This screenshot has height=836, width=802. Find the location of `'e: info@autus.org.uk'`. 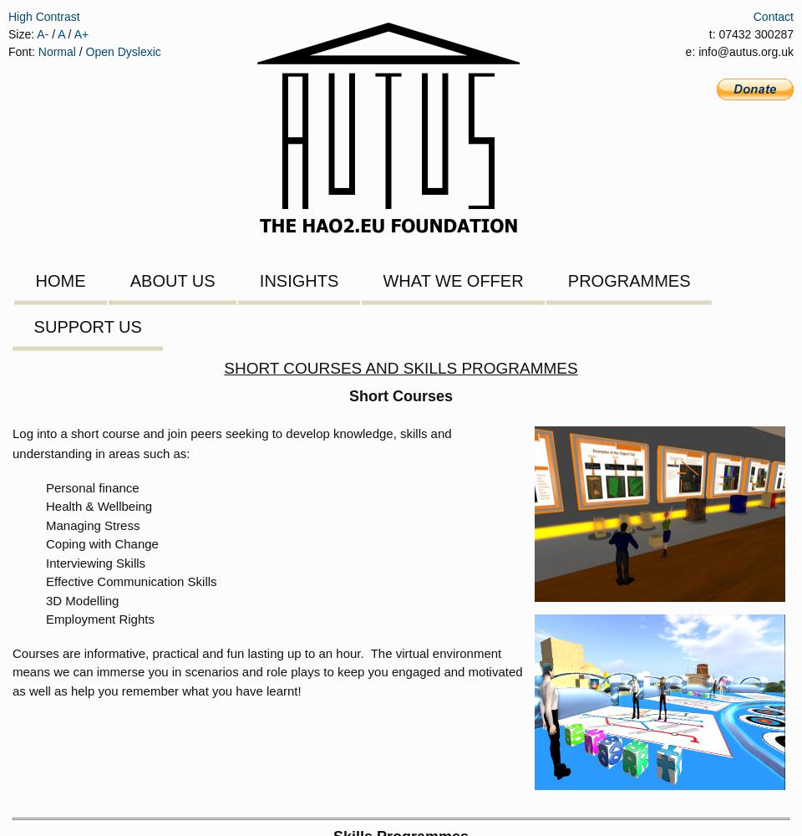

'e: info@autus.org.uk' is located at coordinates (739, 52).